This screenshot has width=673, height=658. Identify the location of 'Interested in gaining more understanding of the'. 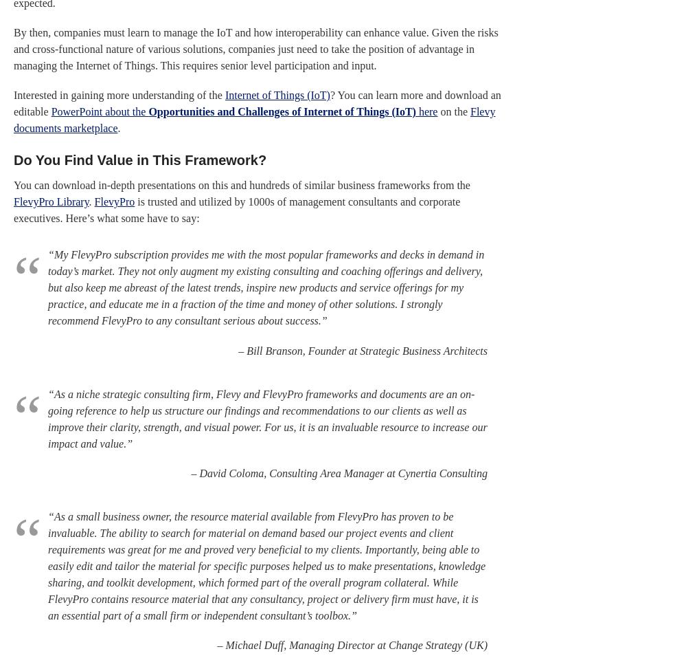
(119, 95).